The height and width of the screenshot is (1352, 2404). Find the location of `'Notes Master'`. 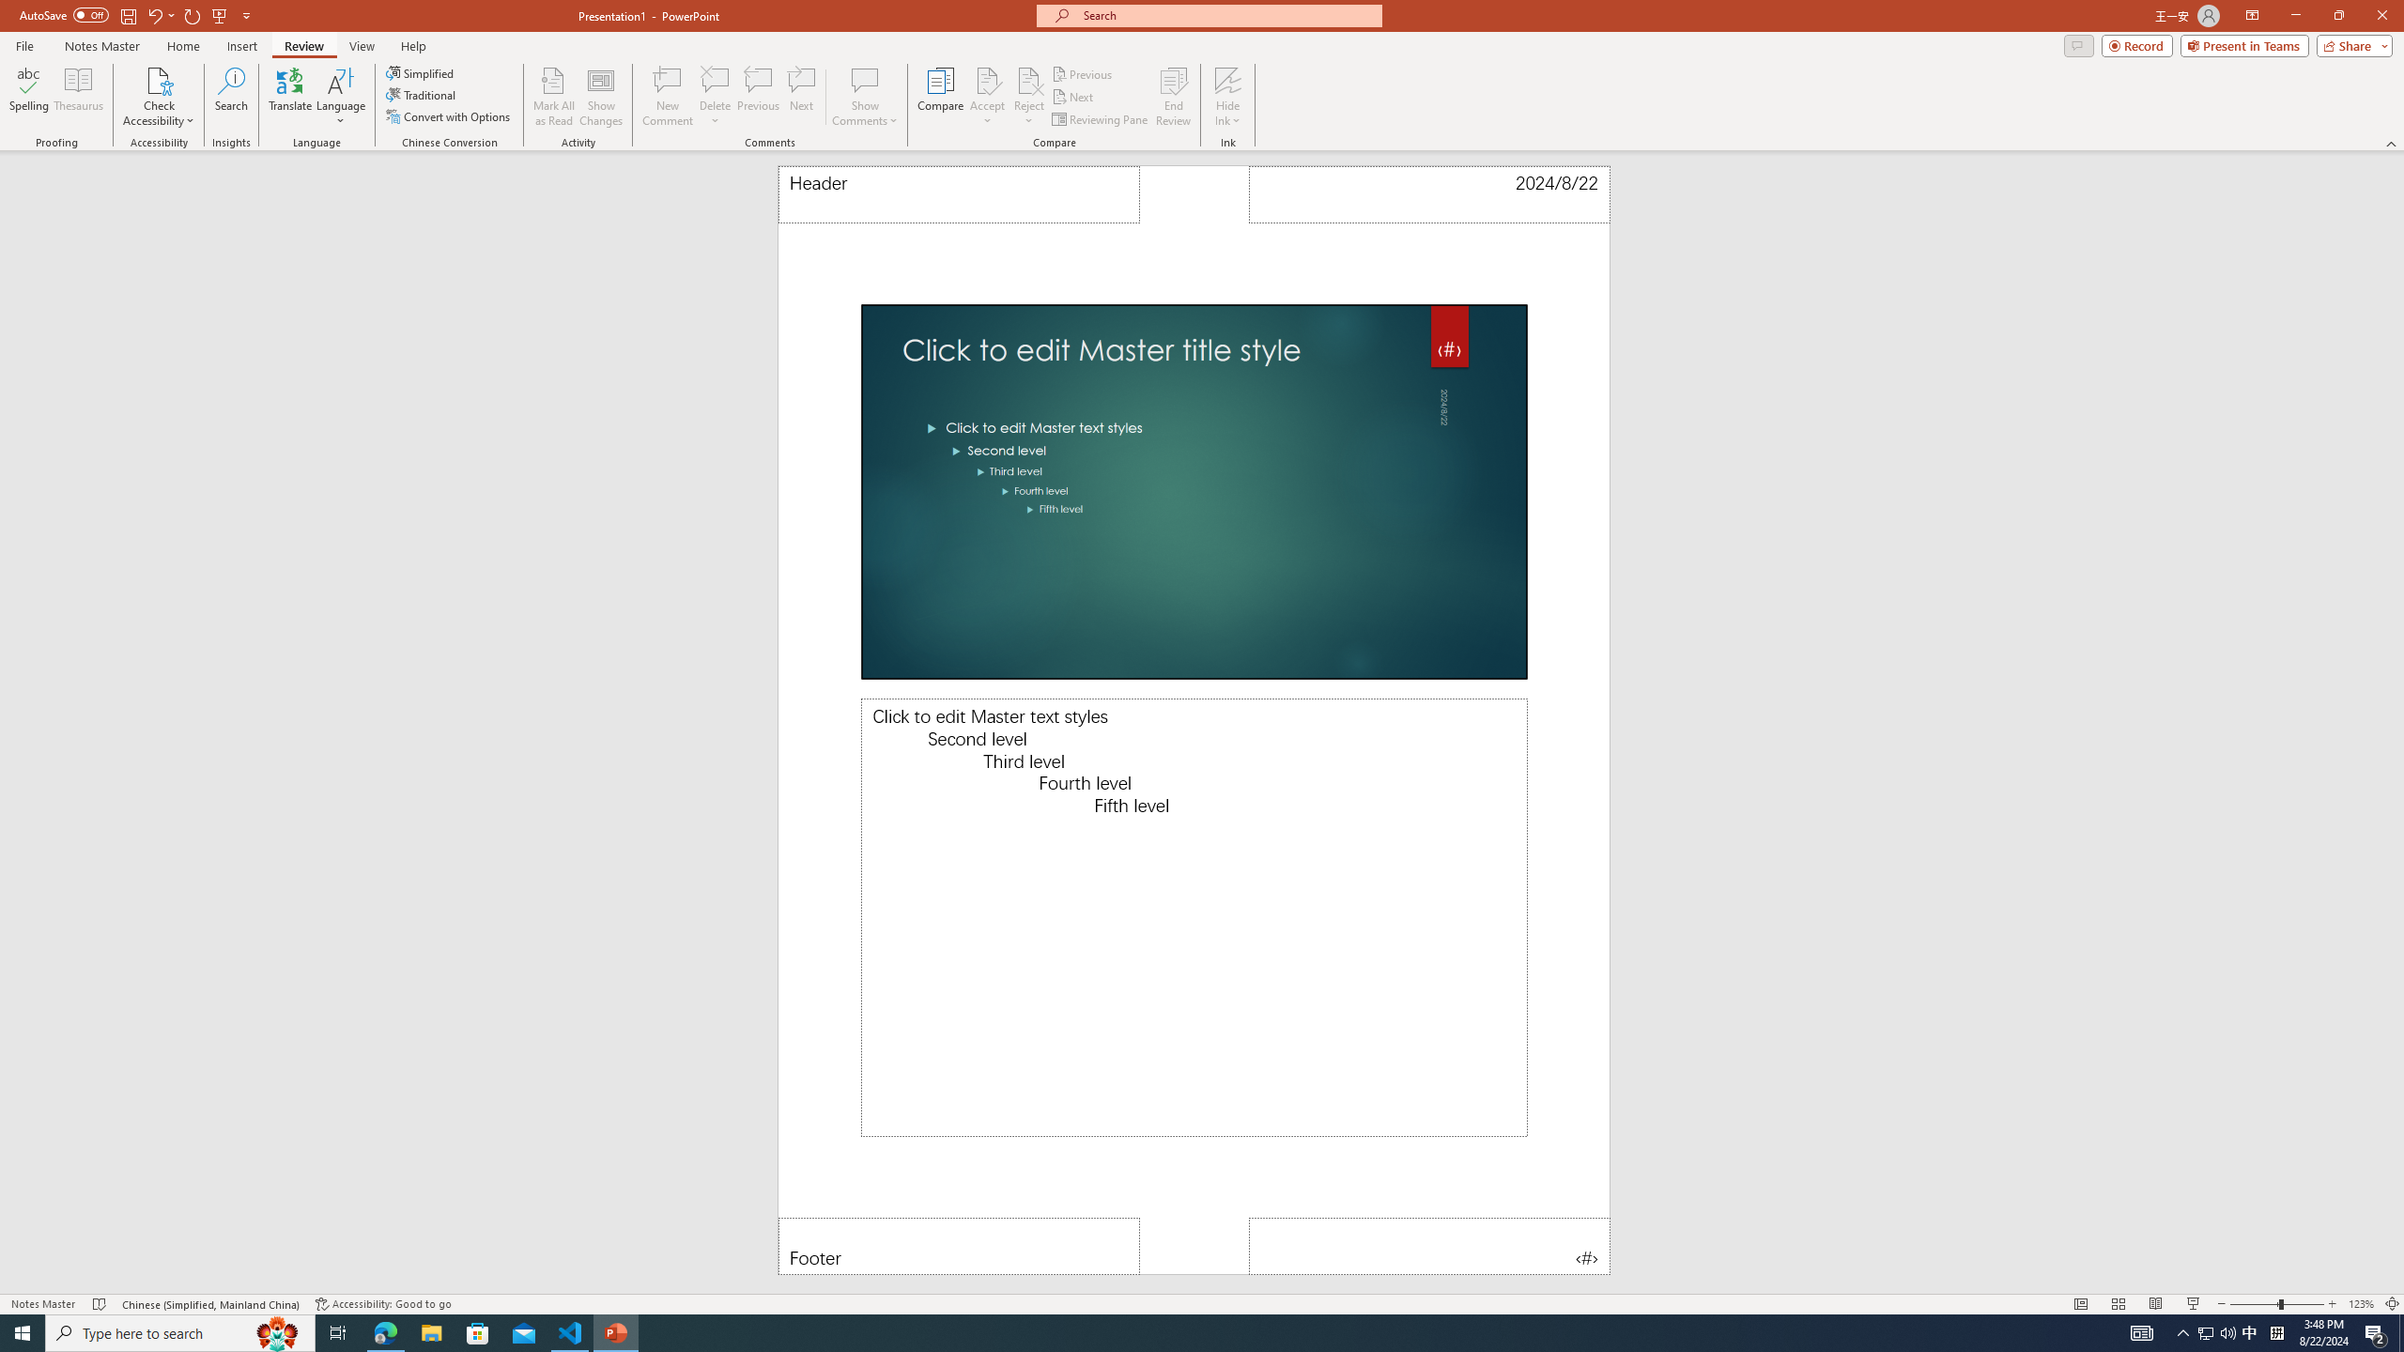

'Notes Master' is located at coordinates (100, 46).